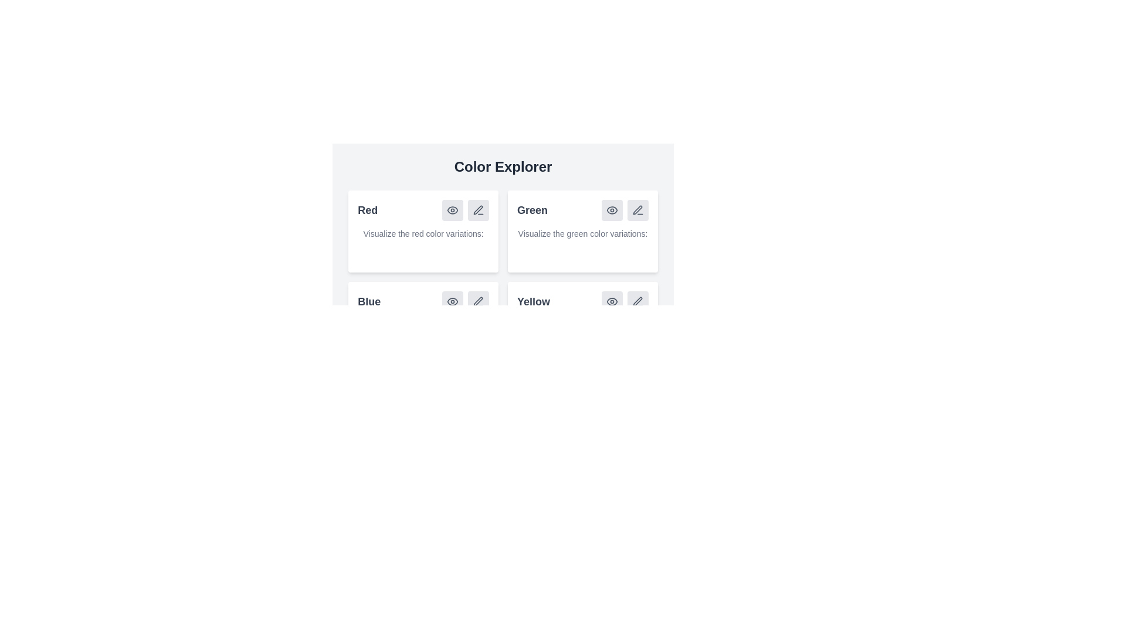 This screenshot has height=633, width=1126. What do you see at coordinates (611, 301) in the screenshot?
I see `the button with an eye icon, which is part of the 'Color Explorer' interface, located to the right of the 'Yellow' color section and to the left of the pencil icon button` at bounding box center [611, 301].